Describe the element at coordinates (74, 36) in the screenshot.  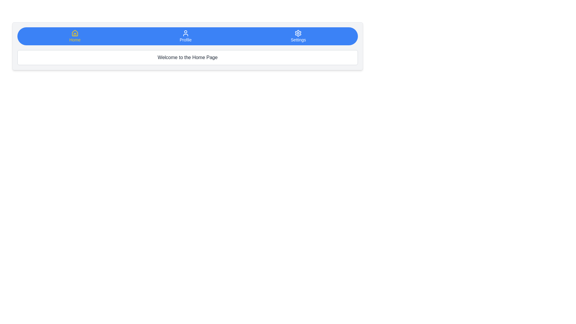
I see `the Home tab from the navigation bar` at that location.